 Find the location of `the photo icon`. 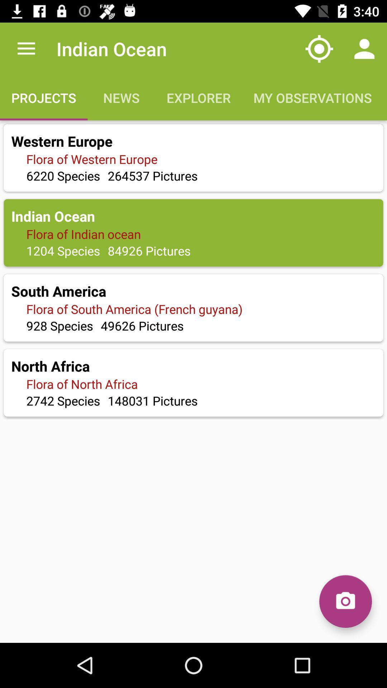

the photo icon is located at coordinates (345, 601).